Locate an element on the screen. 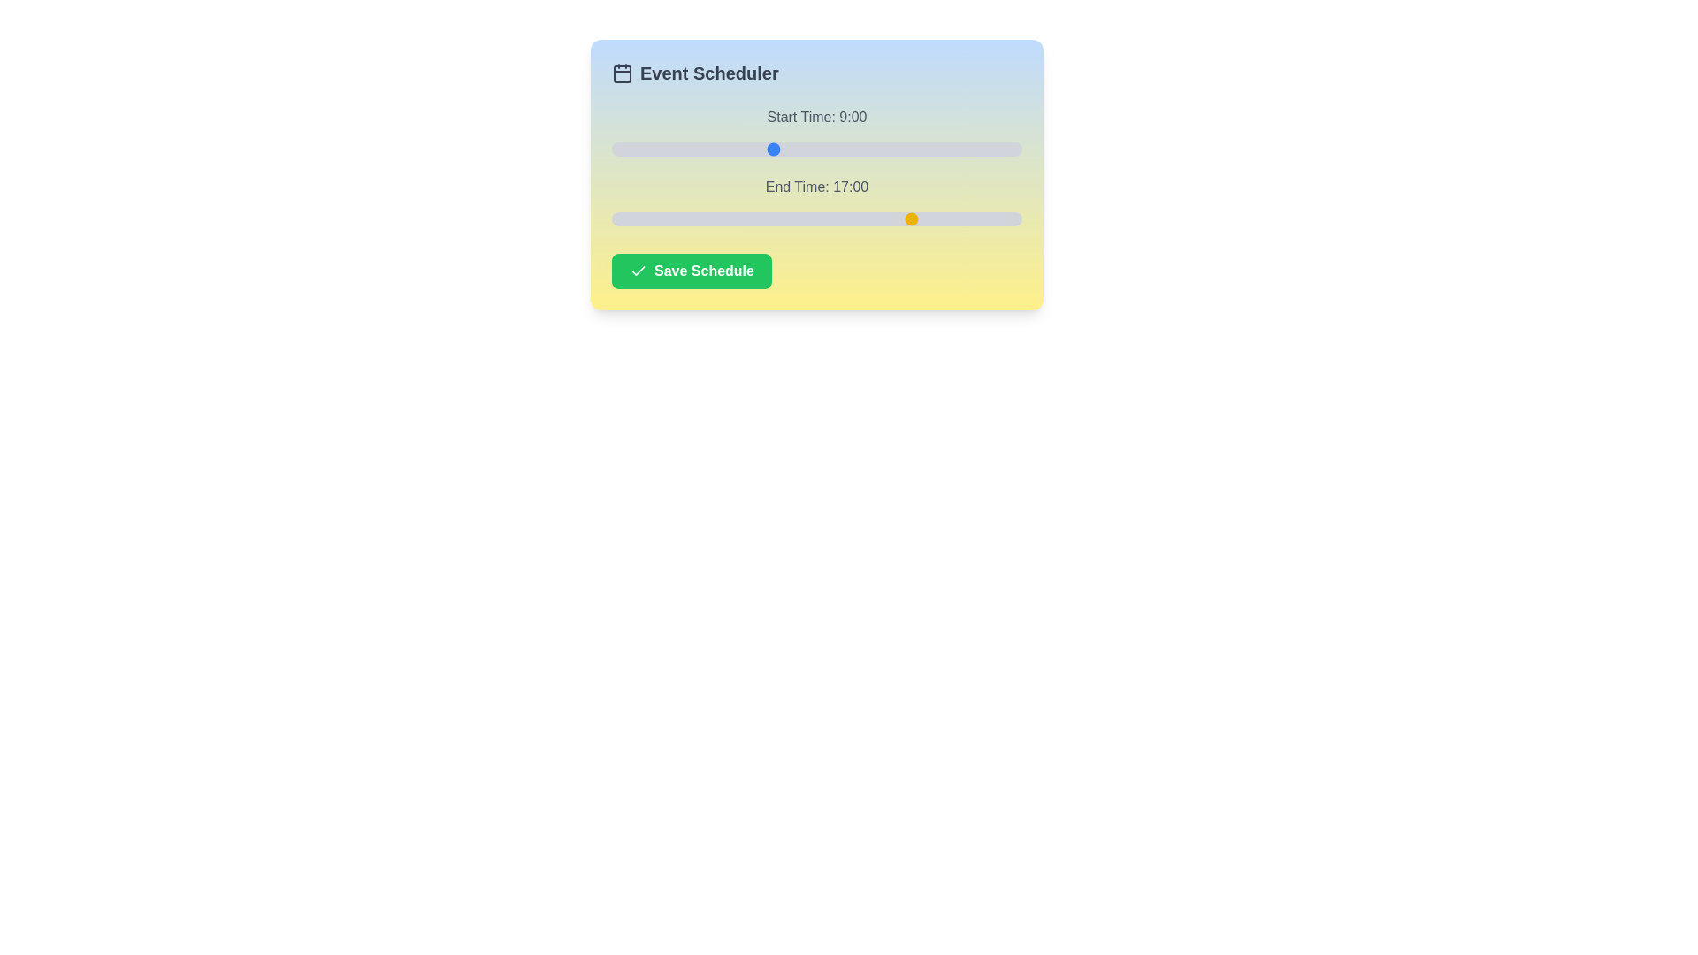 This screenshot has width=1698, height=955. the end time slider to 4 is located at coordinates (682, 218).